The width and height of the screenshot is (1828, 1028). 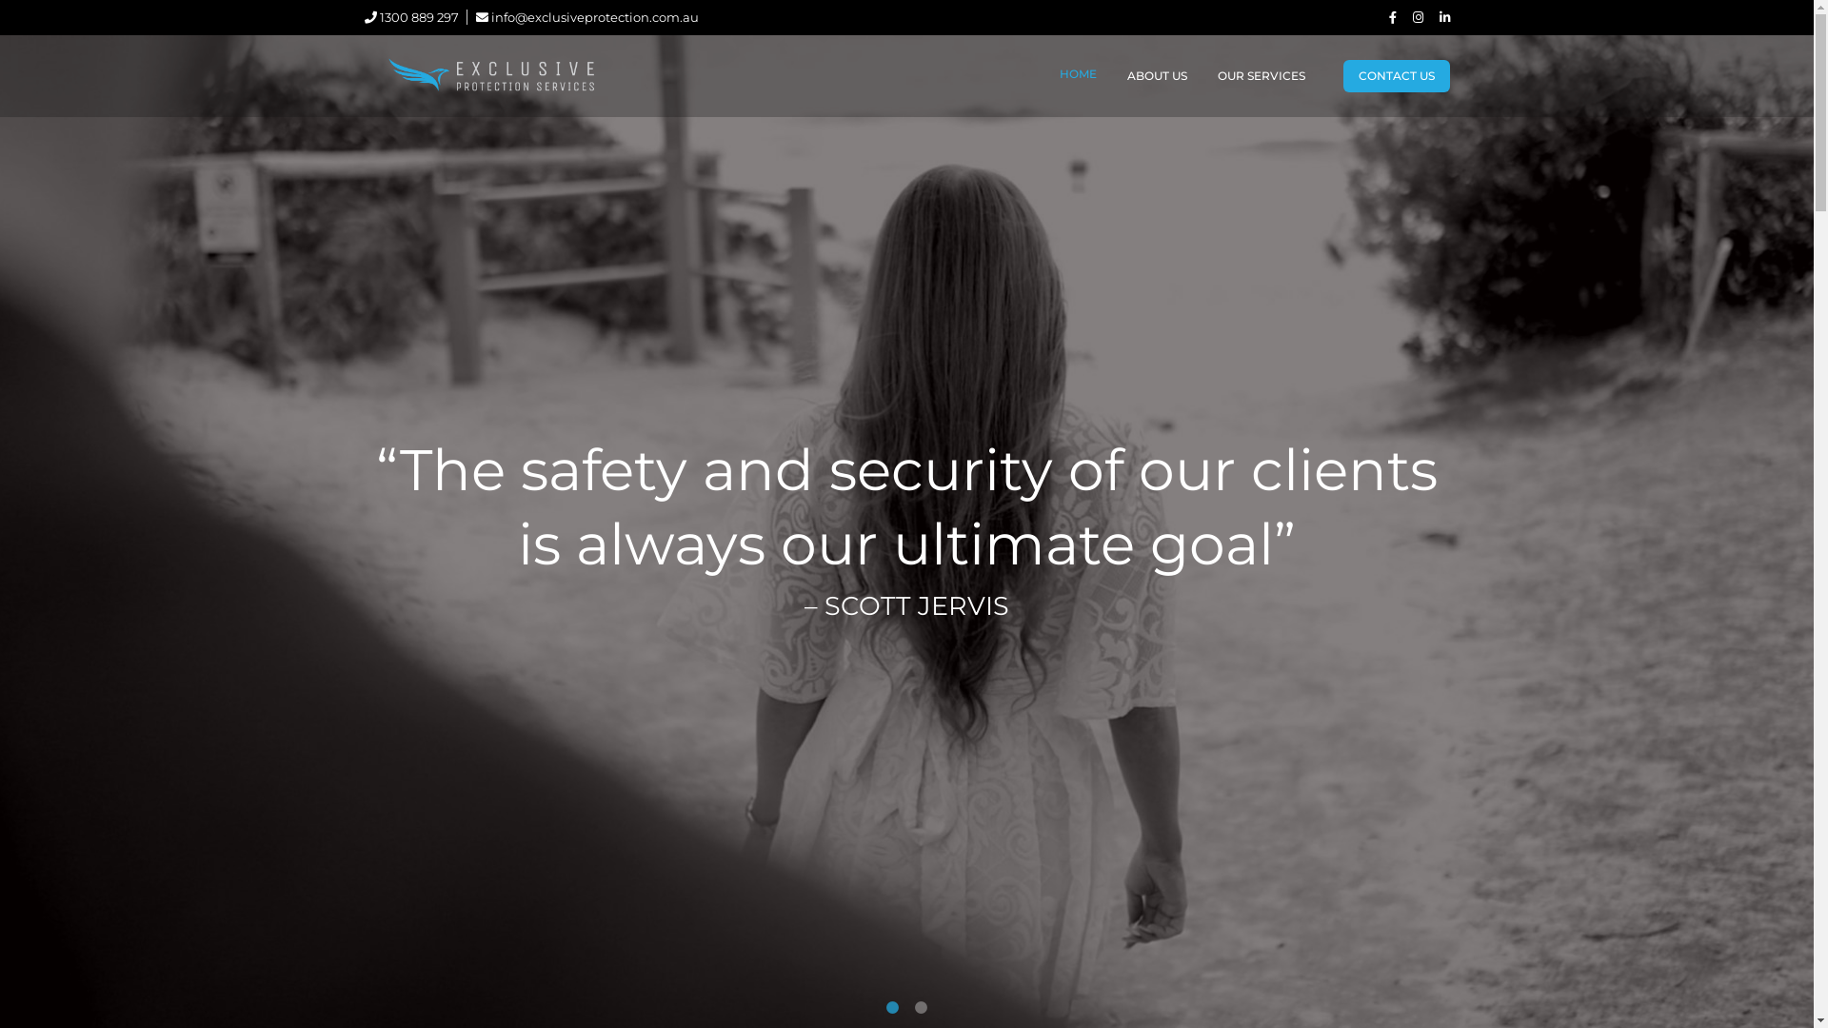 I want to click on 'CONTACT US', so click(x=1395, y=75).